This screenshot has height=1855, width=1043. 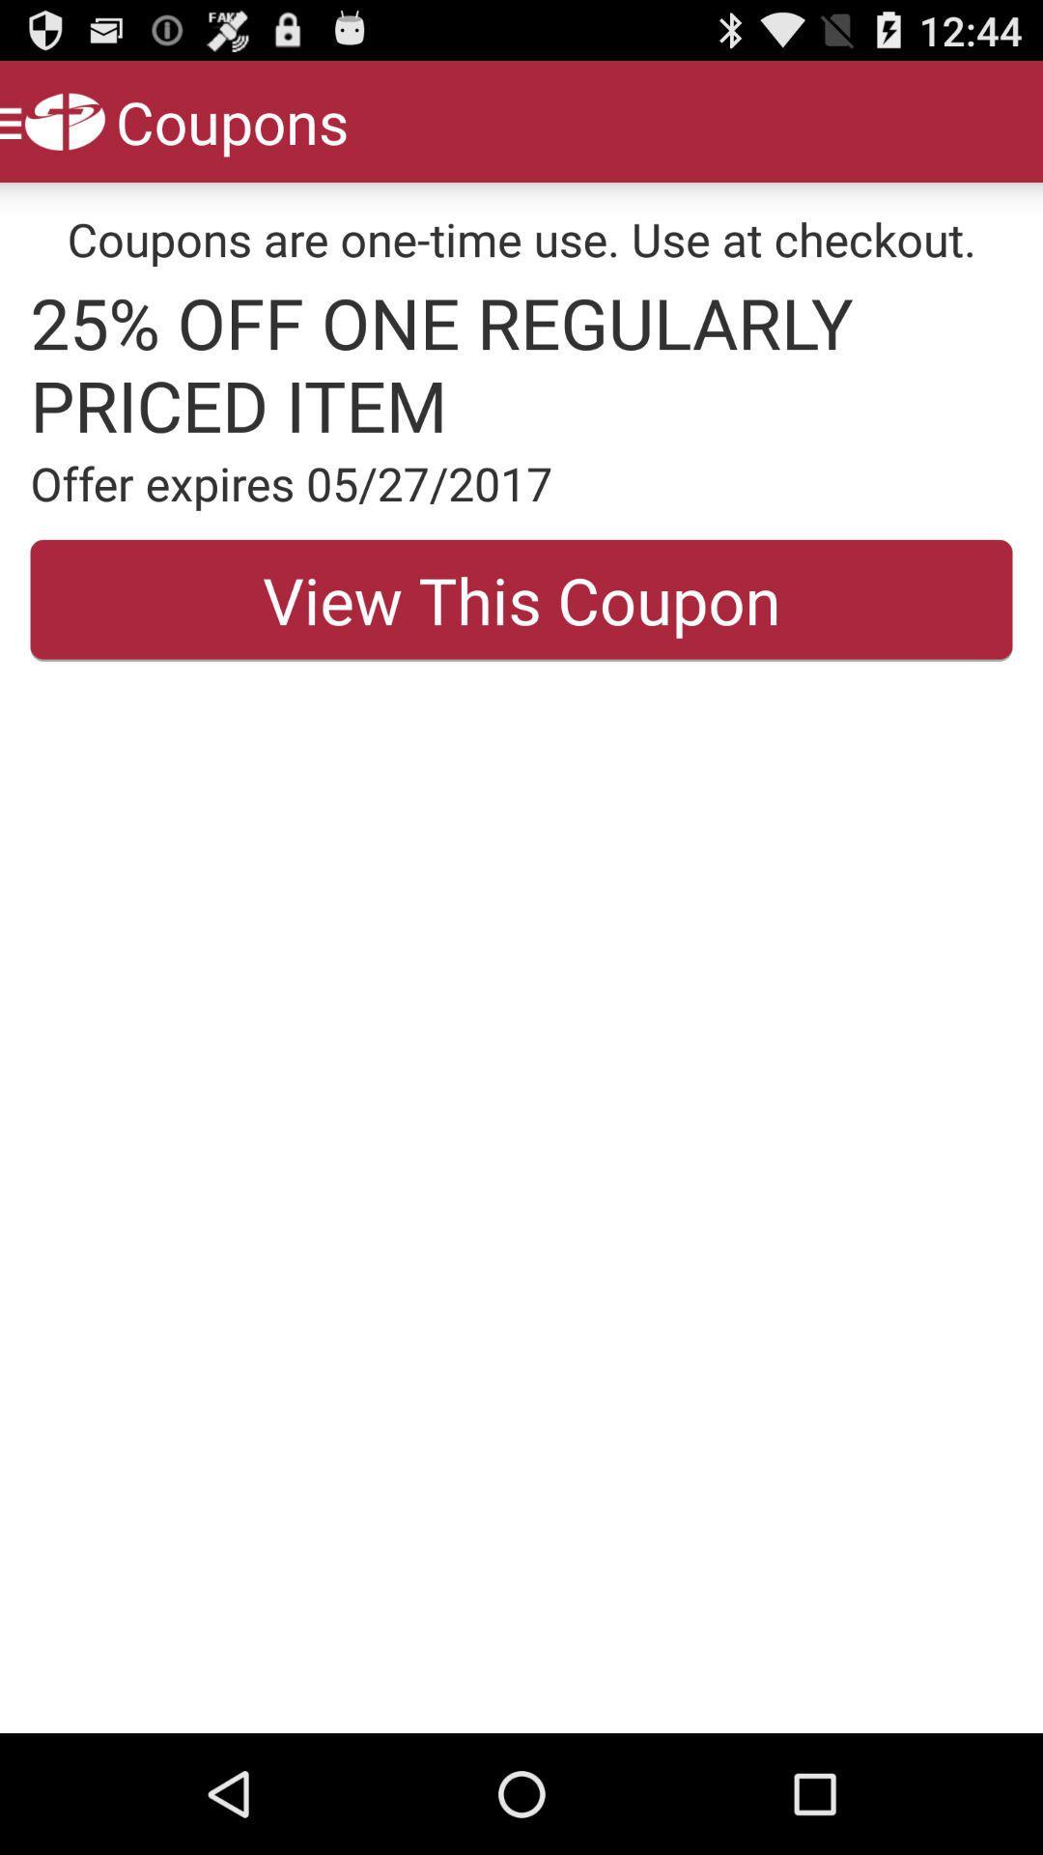 I want to click on the app below coupons are one, so click(x=521, y=363).